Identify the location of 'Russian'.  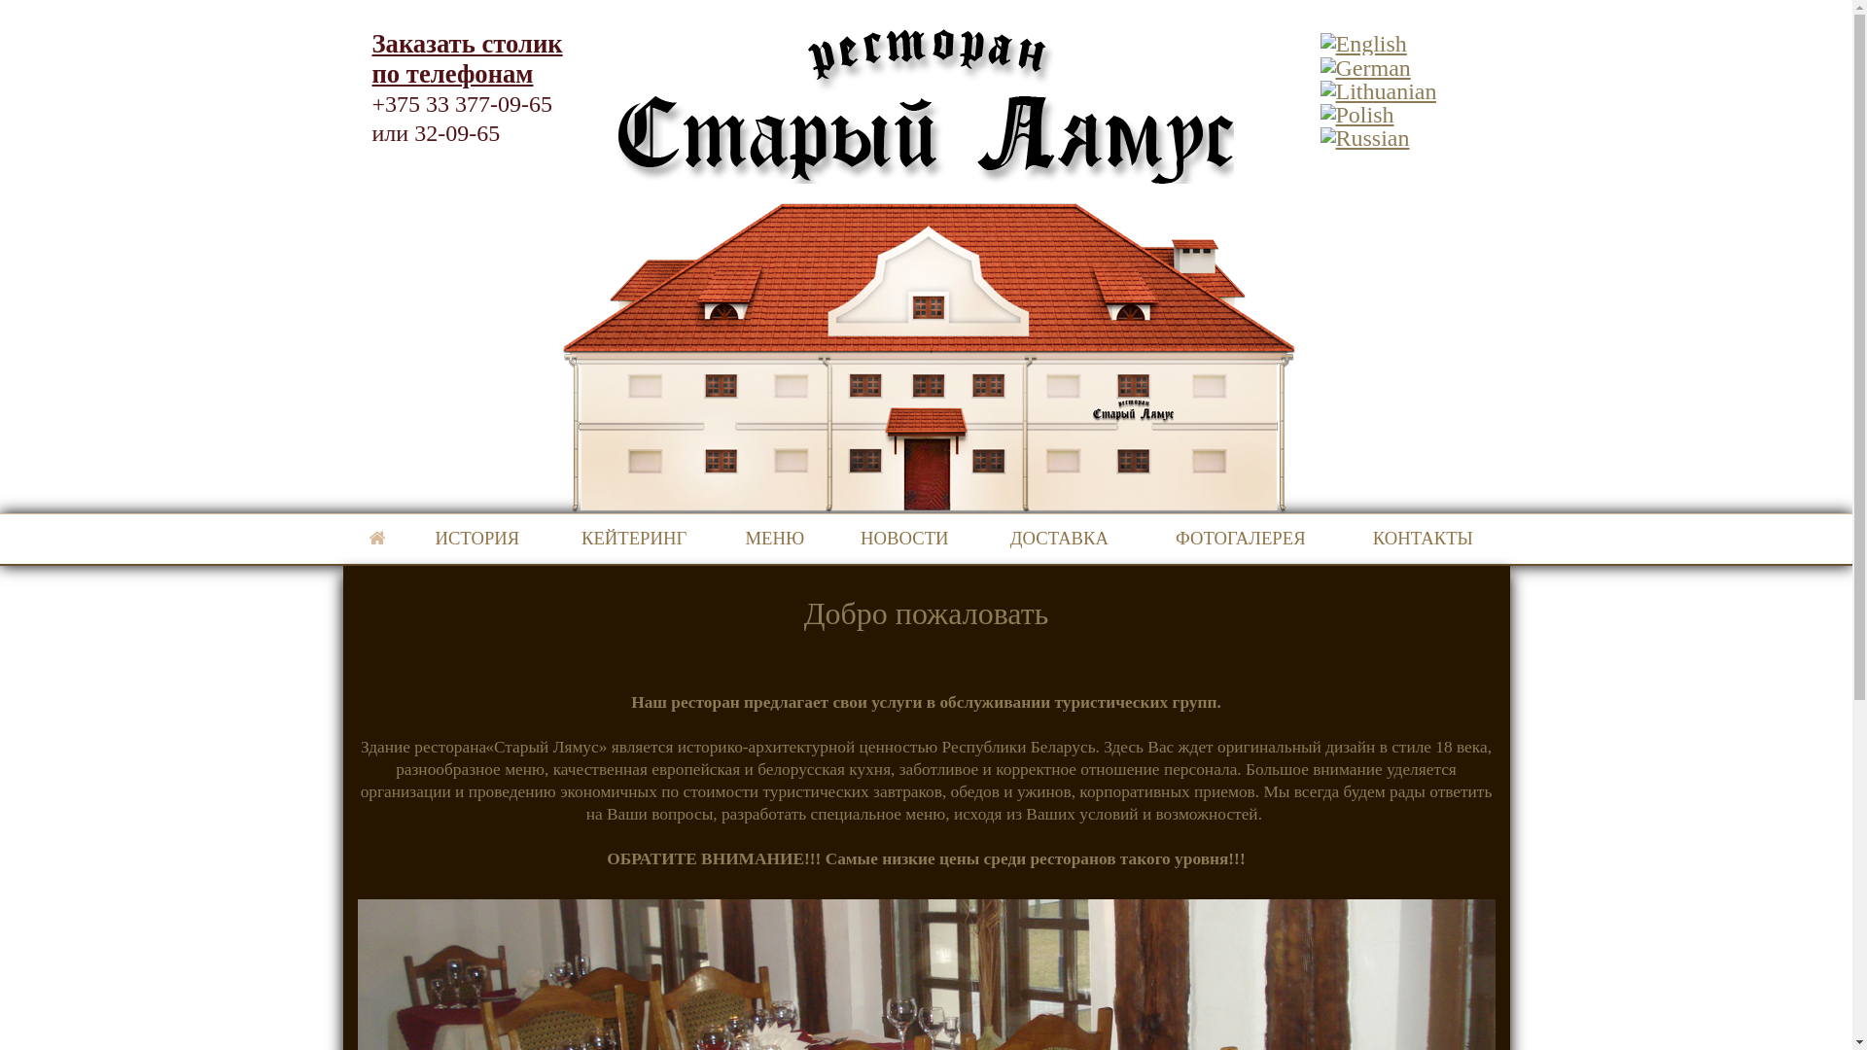
(1363, 133).